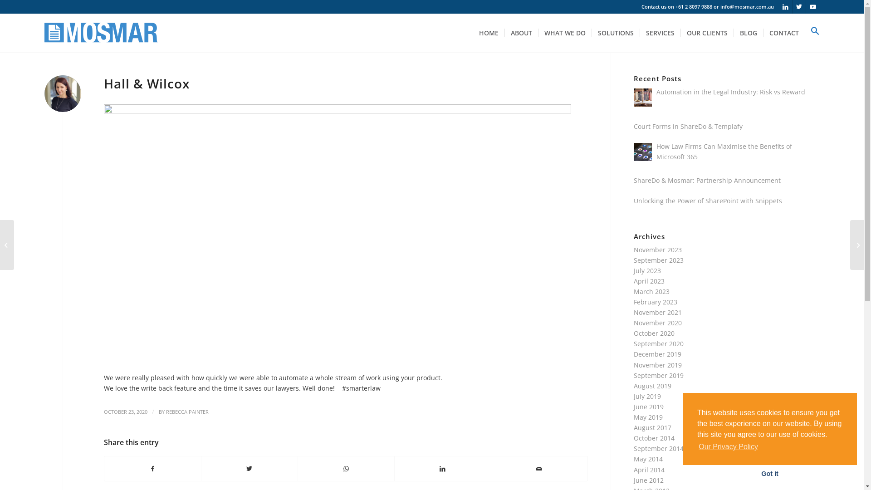 This screenshot has width=871, height=490. I want to click on 'Unlocking the Power of SharePoint with Snippets', so click(707, 200).